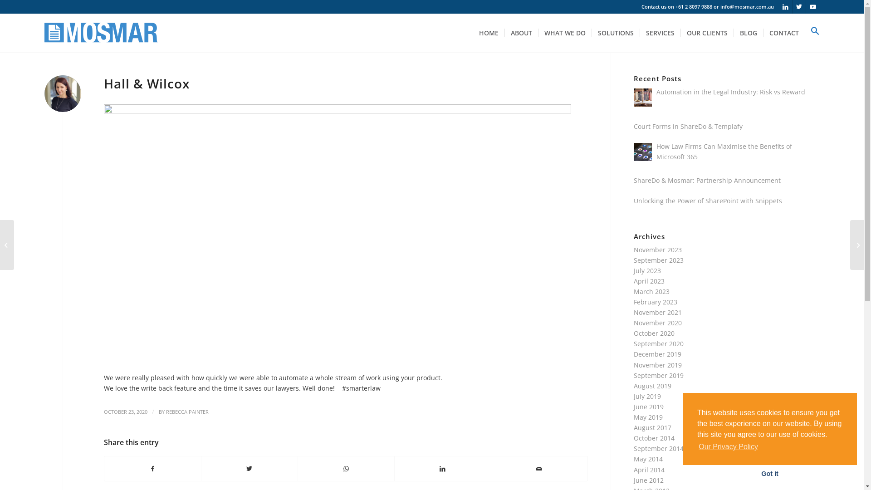 This screenshot has width=871, height=490. I want to click on 'Unlocking the Power of SharePoint with Snippets', so click(707, 200).